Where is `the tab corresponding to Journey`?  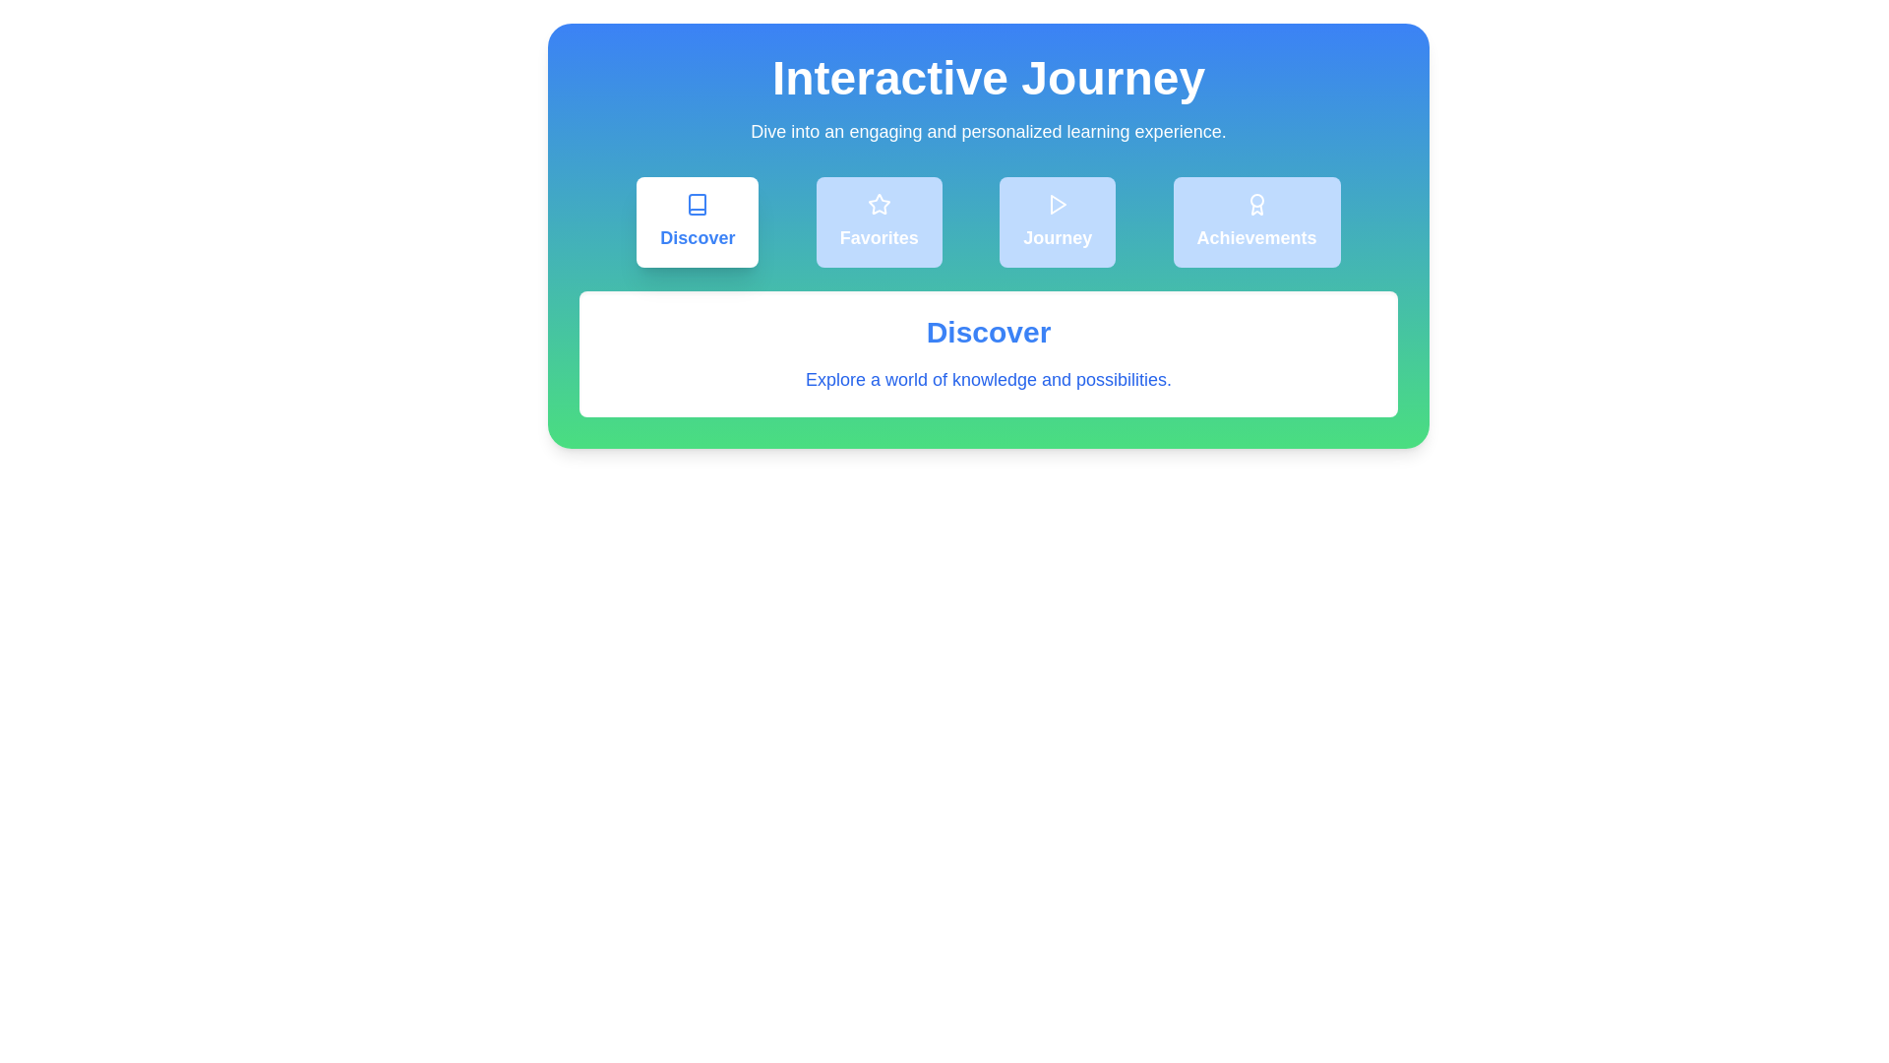
the tab corresponding to Journey is located at coordinates (1057, 221).